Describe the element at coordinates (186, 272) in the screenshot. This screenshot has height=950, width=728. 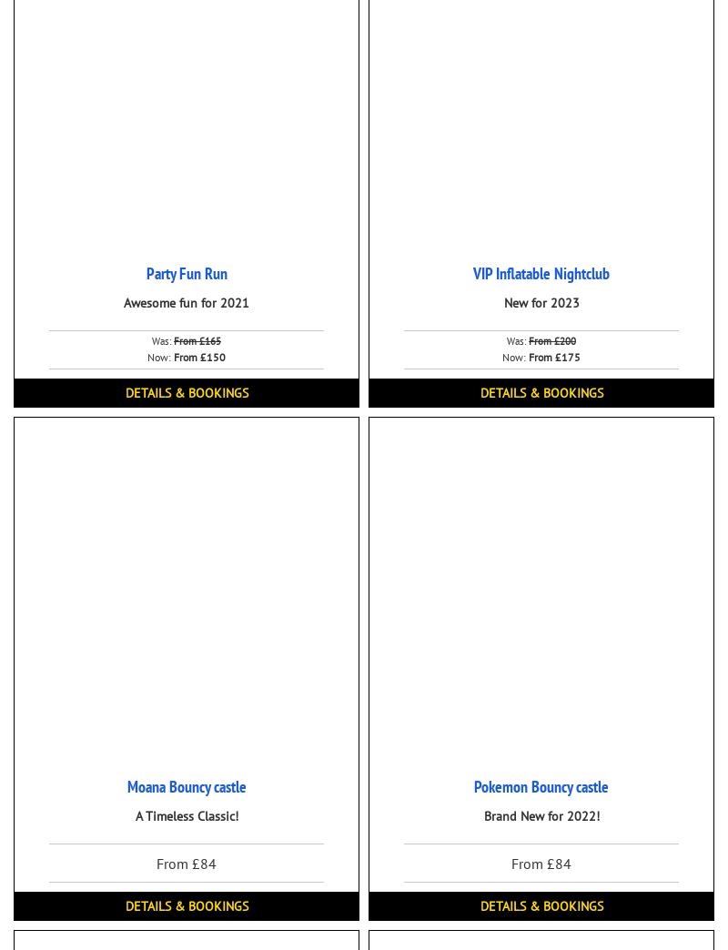
I see `'Party Fun Run'` at that location.